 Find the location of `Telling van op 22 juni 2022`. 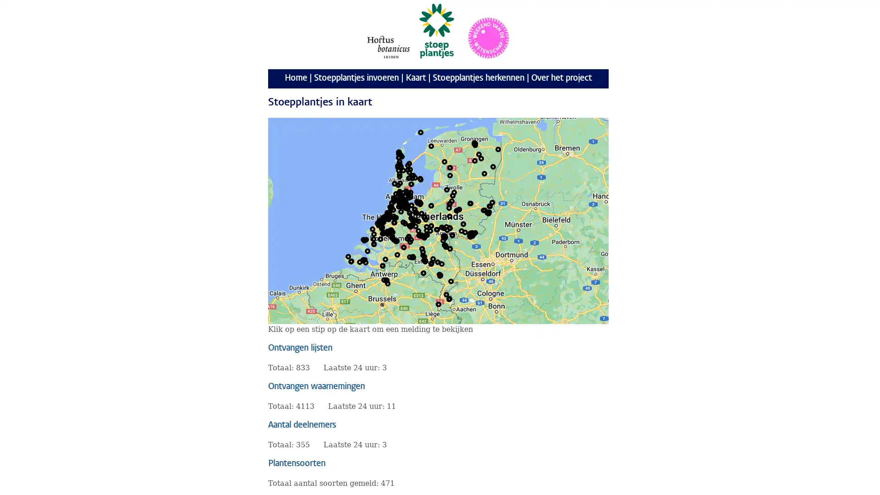

Telling van op 22 juni 2022 is located at coordinates (389, 217).